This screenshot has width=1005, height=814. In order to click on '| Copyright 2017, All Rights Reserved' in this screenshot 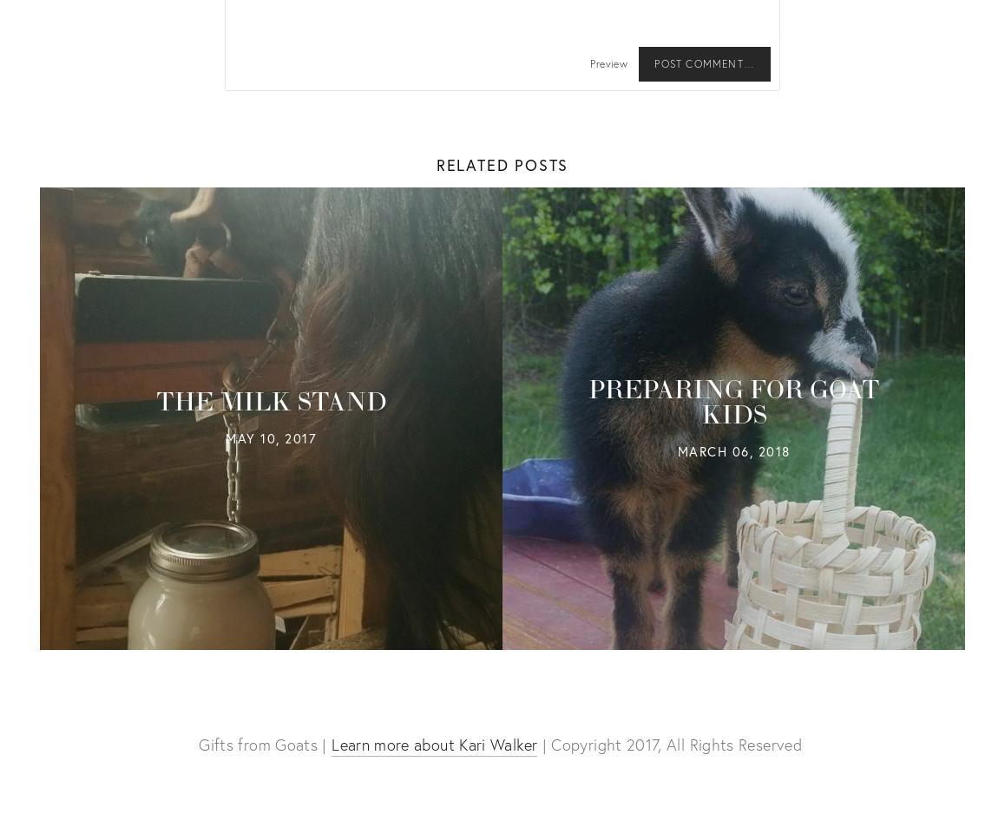, I will do `click(668, 743)`.